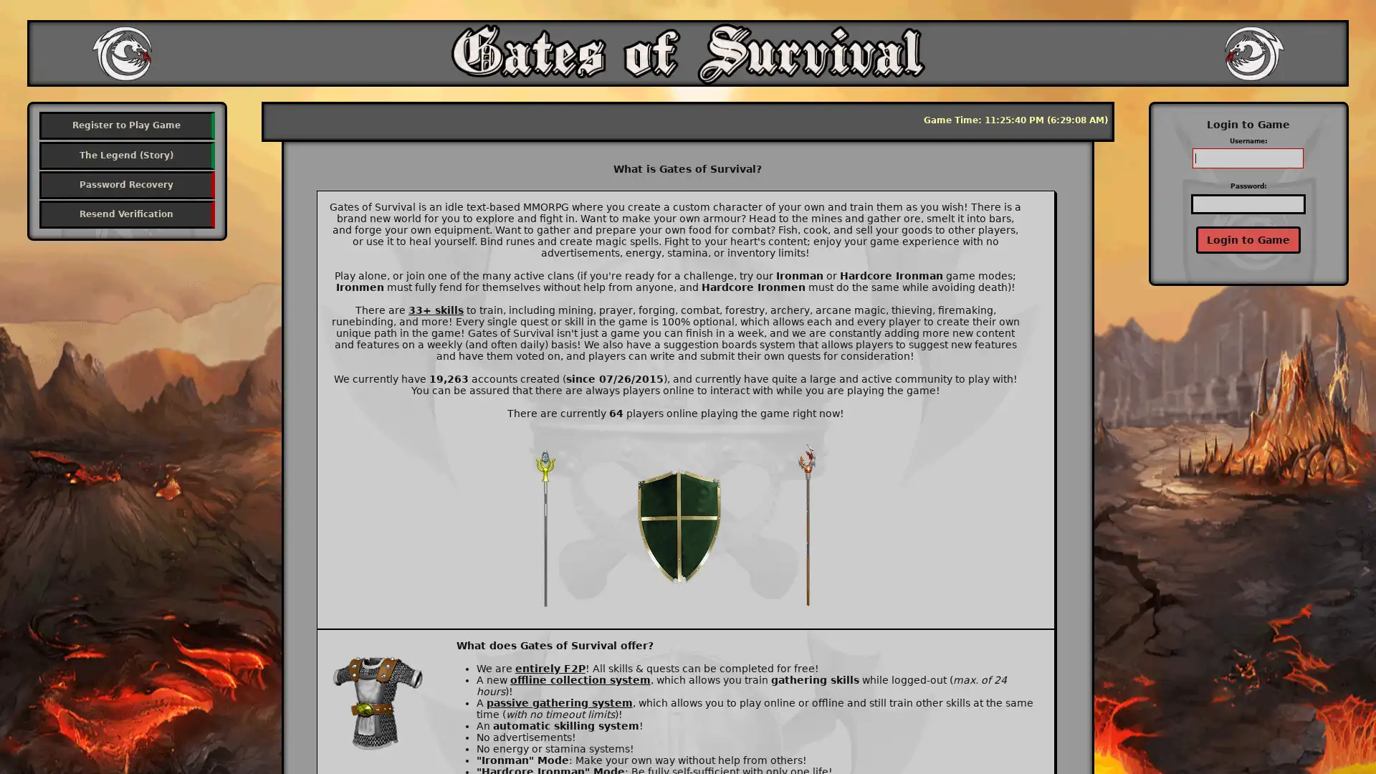 The image size is (1376, 774). What do you see at coordinates (1248, 239) in the screenshot?
I see `Login to Game` at bounding box center [1248, 239].